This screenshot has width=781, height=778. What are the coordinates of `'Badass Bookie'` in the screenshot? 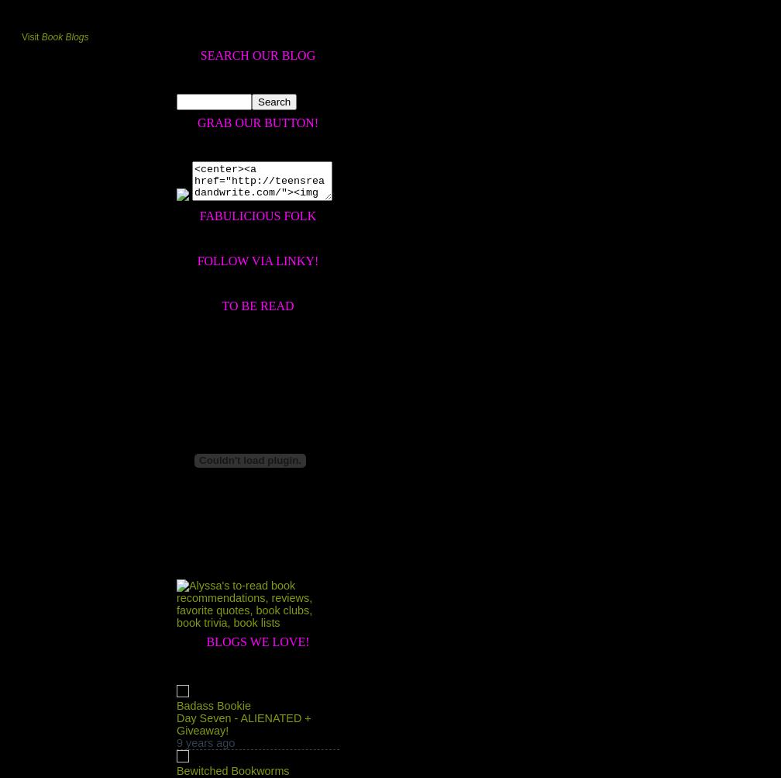 It's located at (213, 705).